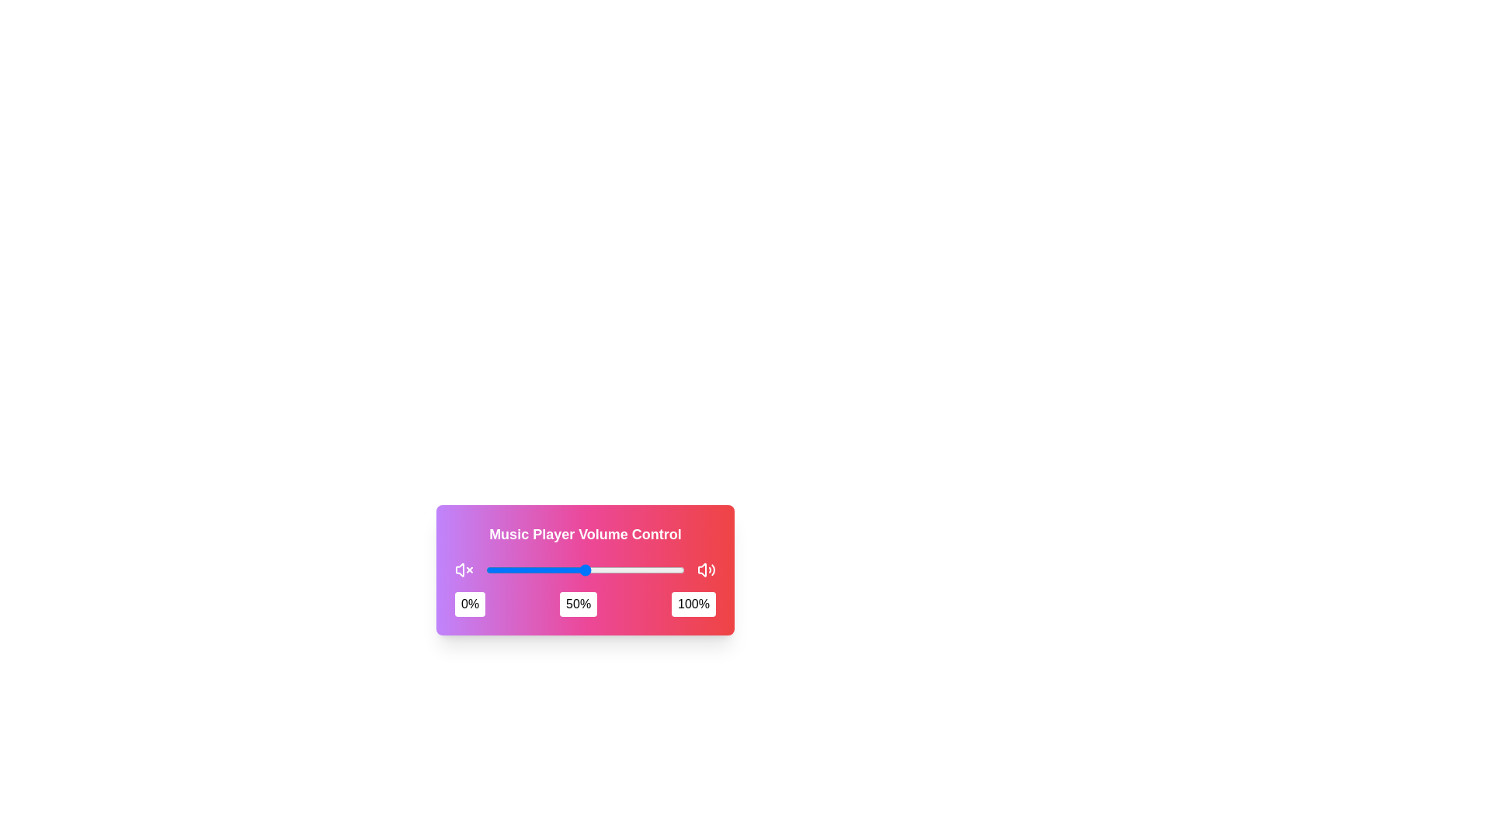 This screenshot has width=1491, height=838. What do you see at coordinates (574, 570) in the screenshot?
I see `the slider to set the volume to 45%` at bounding box center [574, 570].